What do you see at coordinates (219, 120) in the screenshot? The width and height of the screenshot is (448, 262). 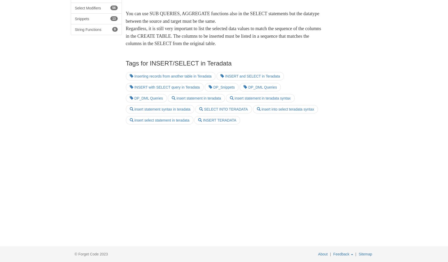 I see `'INSERT TERADATA'` at bounding box center [219, 120].